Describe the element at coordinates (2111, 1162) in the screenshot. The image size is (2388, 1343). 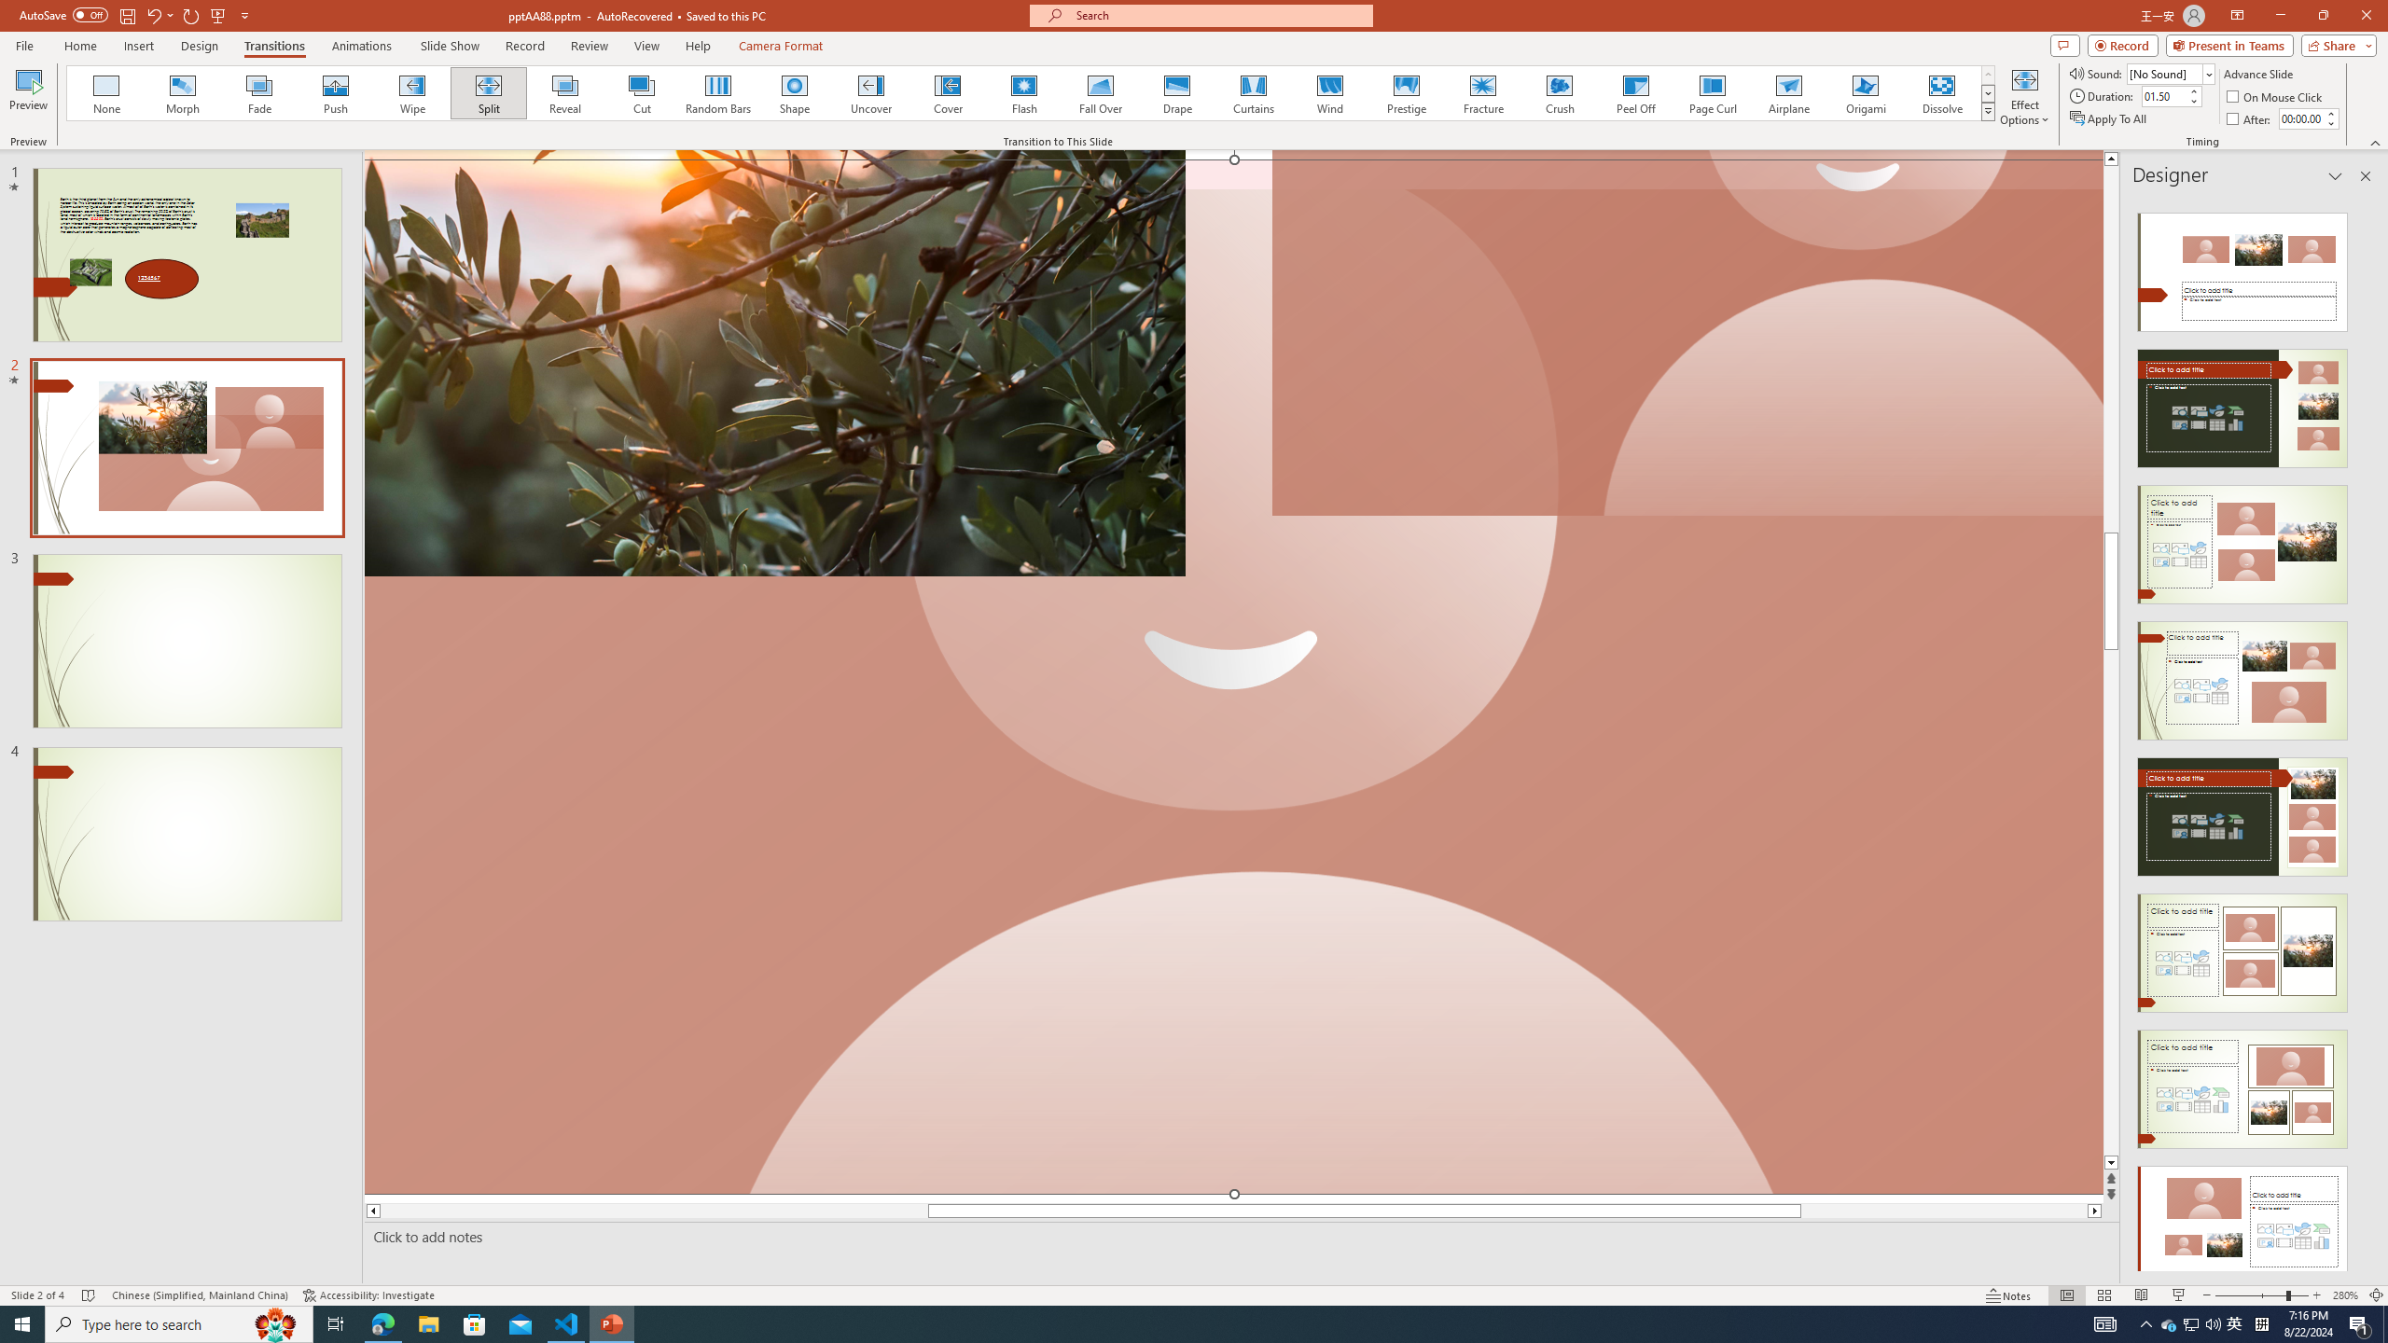
I see `'Line down'` at that location.